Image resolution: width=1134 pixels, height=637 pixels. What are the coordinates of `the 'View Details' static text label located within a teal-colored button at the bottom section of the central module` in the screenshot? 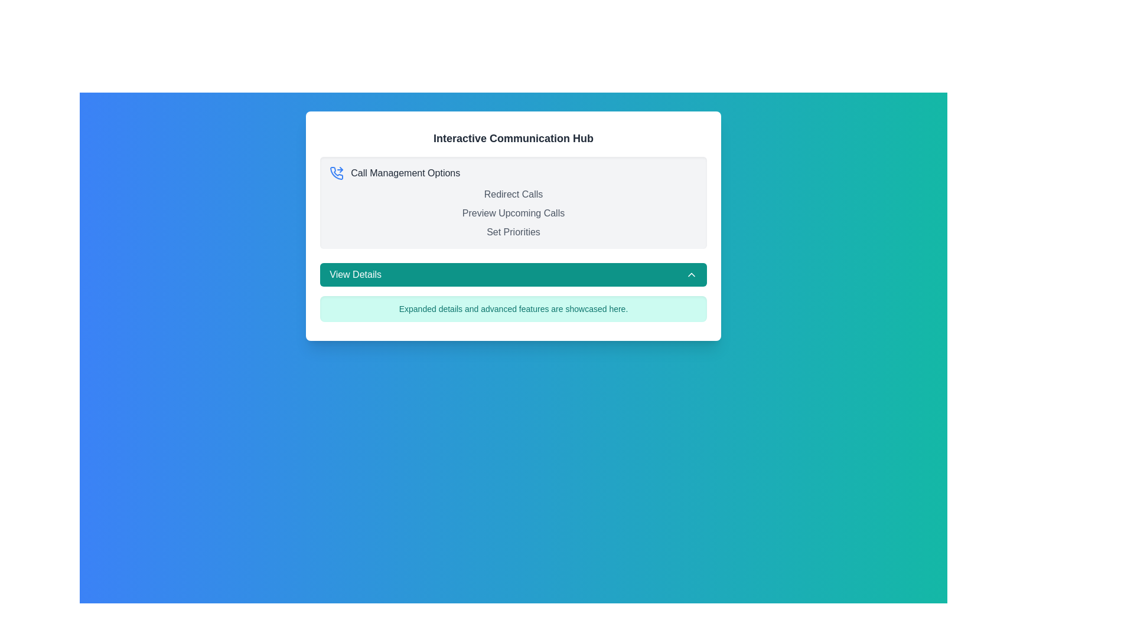 It's located at (355, 275).